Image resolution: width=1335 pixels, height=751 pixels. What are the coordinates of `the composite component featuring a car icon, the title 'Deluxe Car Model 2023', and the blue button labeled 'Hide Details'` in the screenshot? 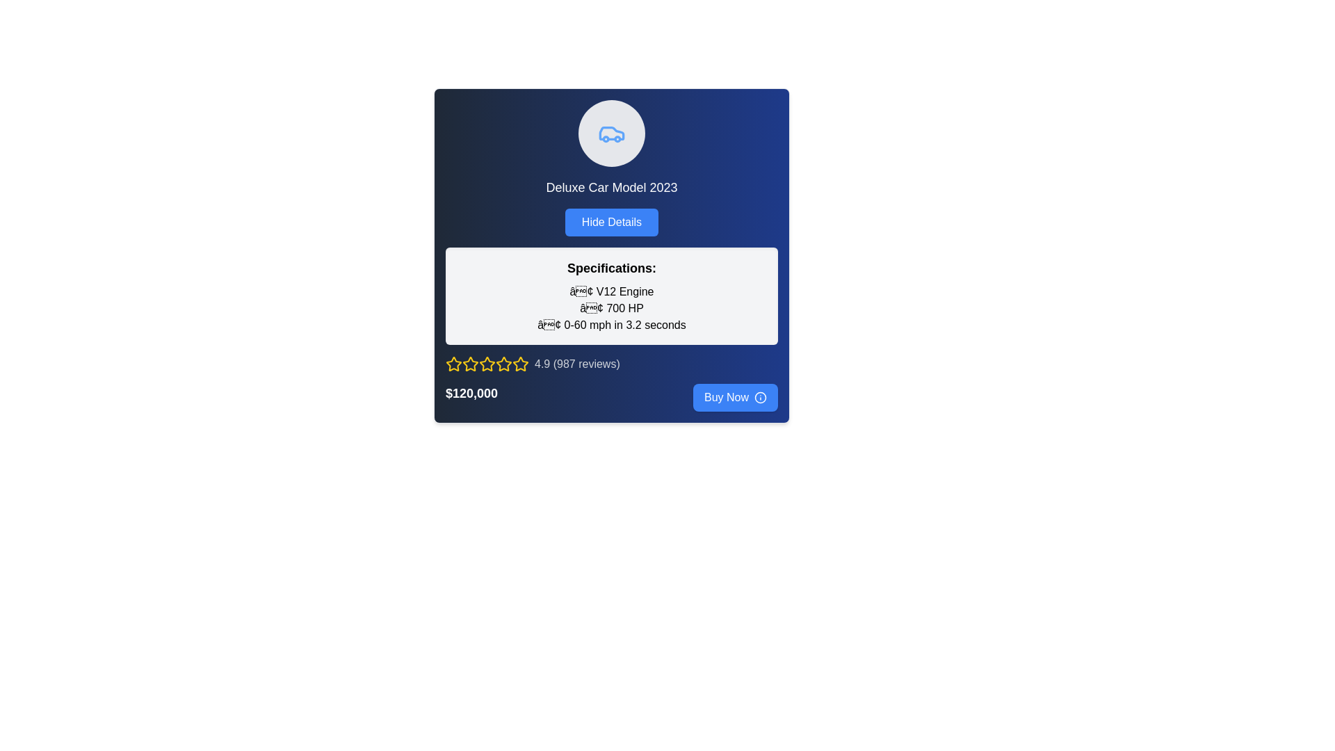 It's located at (611, 168).